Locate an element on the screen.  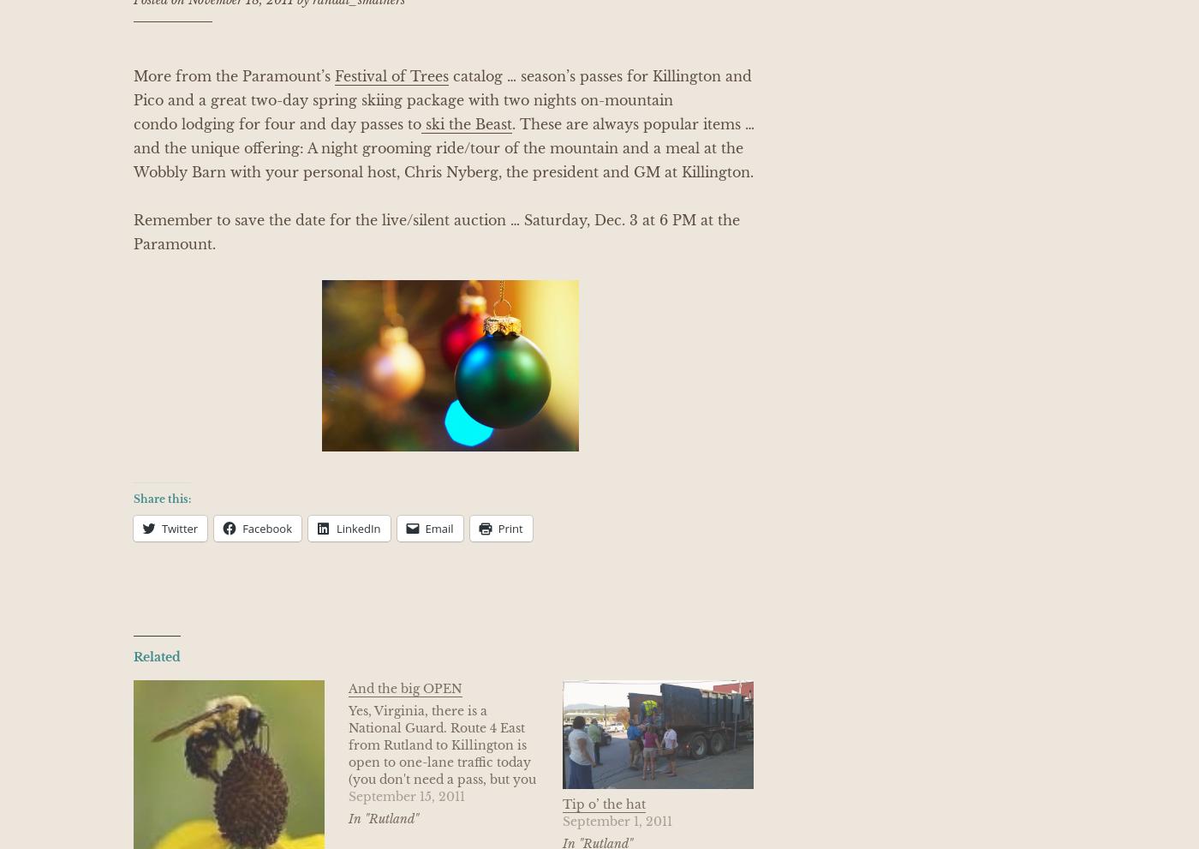
'Email' is located at coordinates (438, 528).